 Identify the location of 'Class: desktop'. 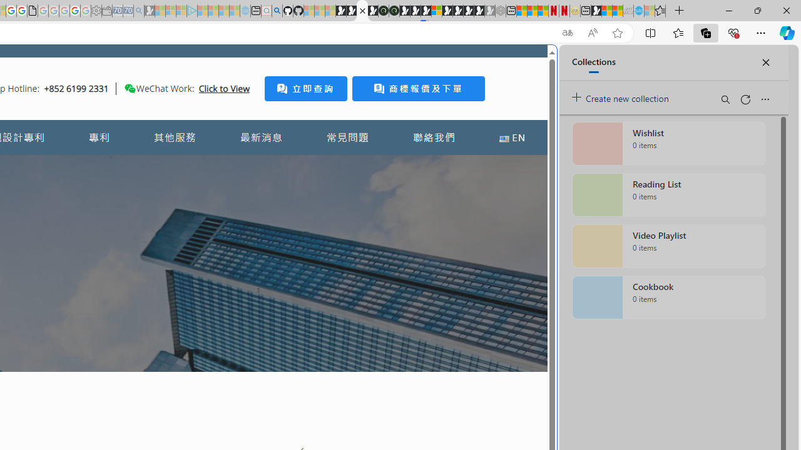
(130, 87).